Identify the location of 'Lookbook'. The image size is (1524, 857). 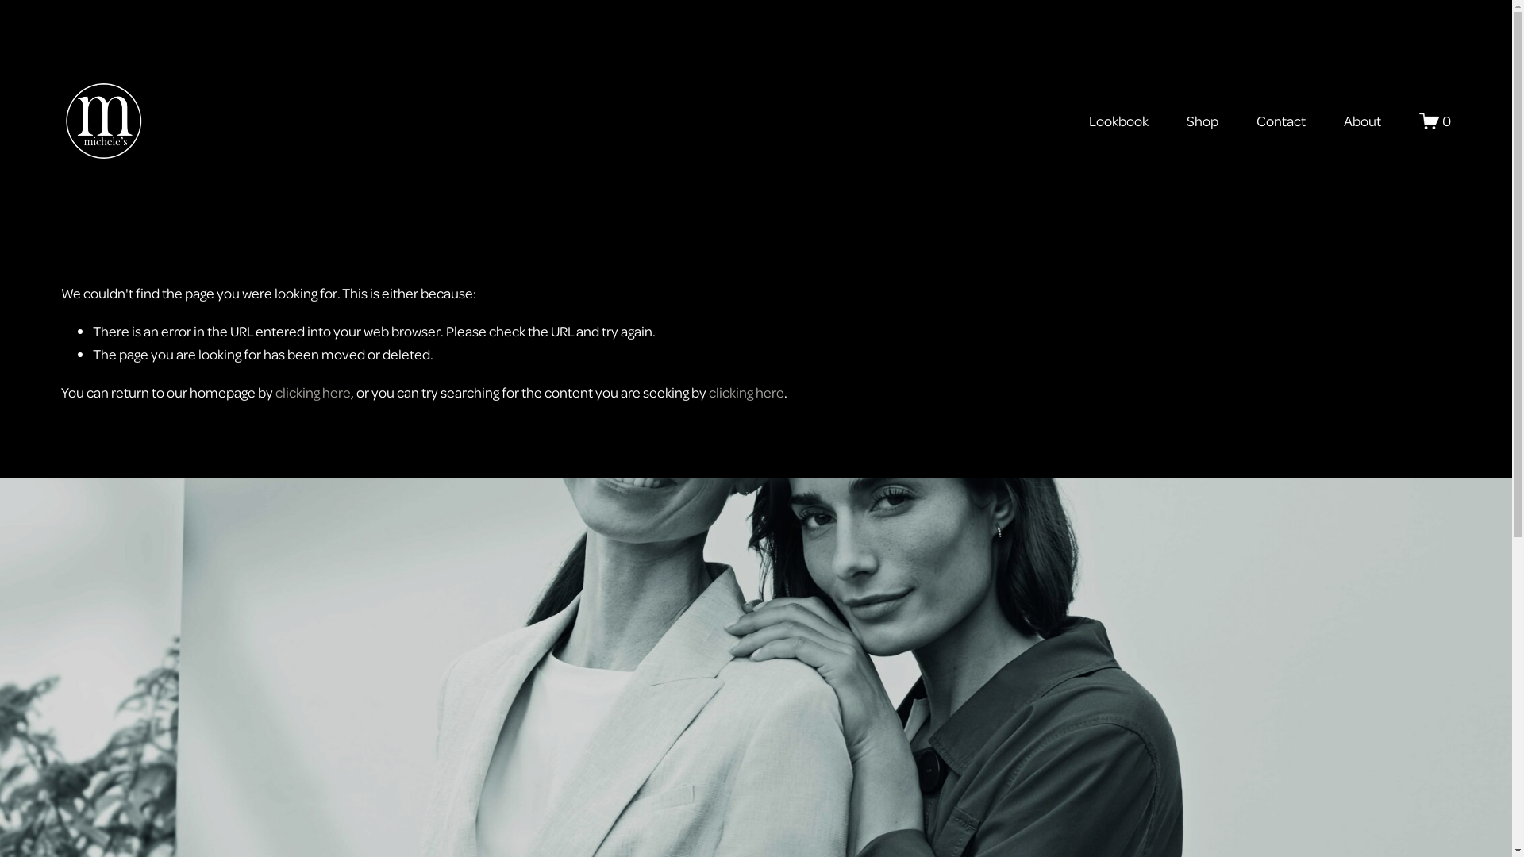
(1118, 120).